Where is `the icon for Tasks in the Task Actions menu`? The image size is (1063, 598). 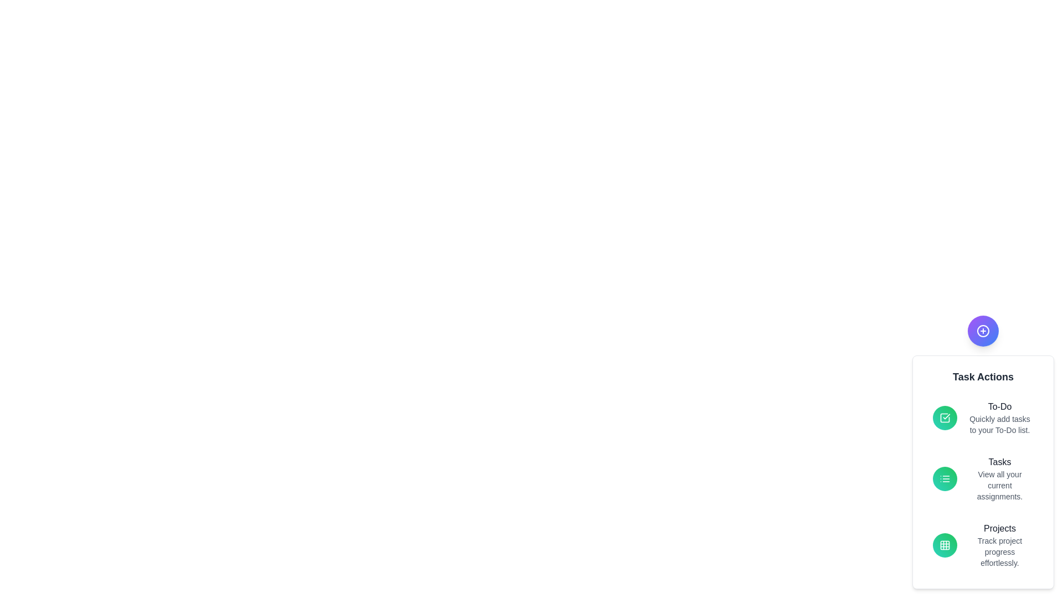
the icon for Tasks in the Task Actions menu is located at coordinates (945, 478).